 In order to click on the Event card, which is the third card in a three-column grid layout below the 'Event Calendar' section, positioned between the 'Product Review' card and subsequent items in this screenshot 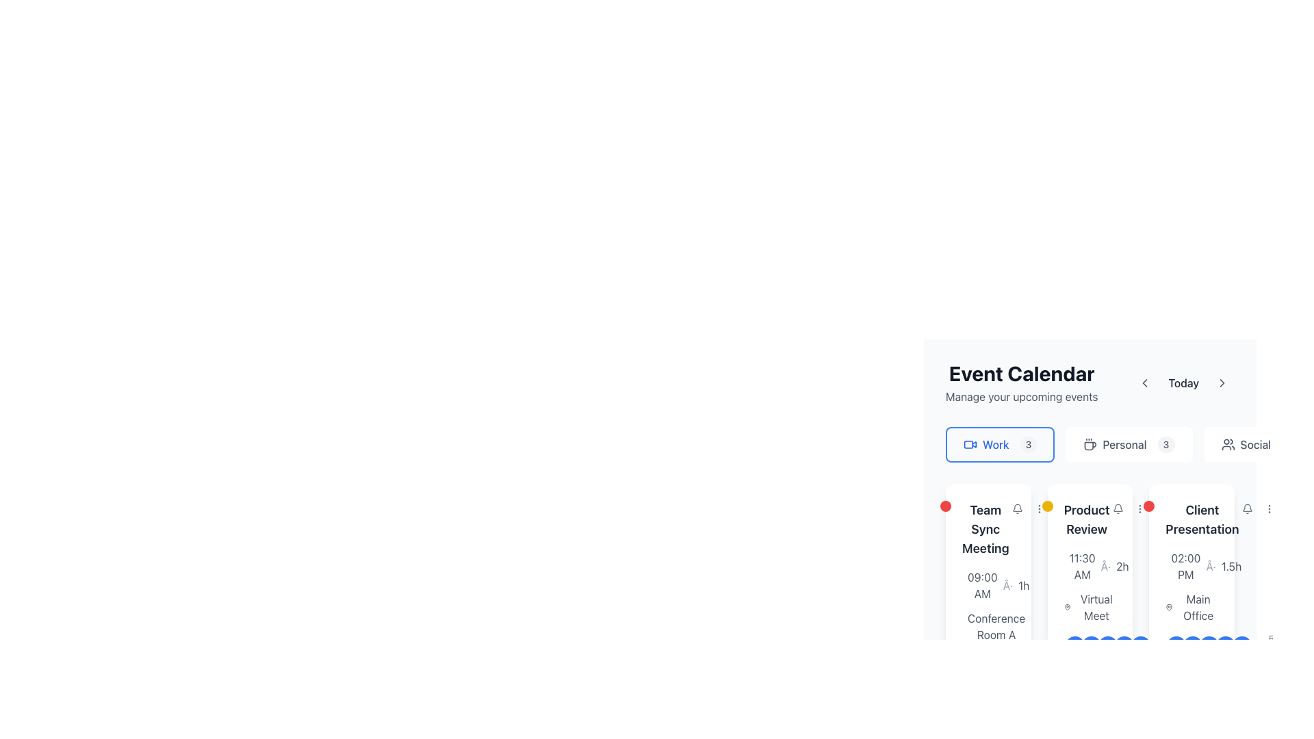, I will do `click(1191, 600)`.